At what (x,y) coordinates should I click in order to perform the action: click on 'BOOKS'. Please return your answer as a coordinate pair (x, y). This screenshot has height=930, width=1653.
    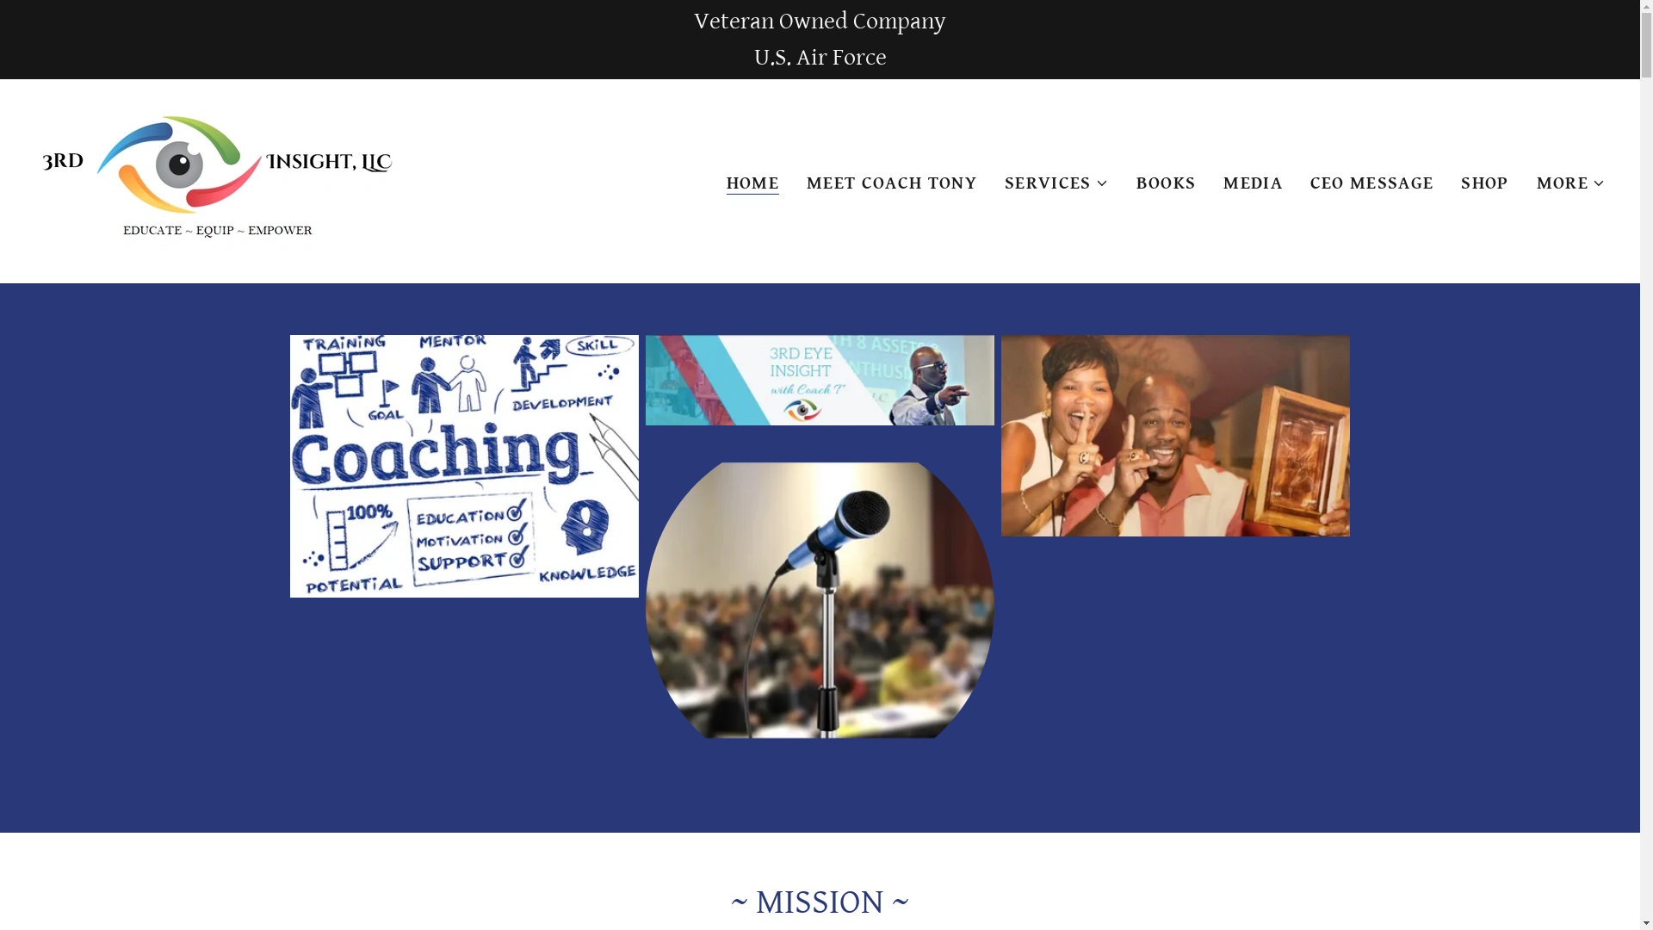
    Looking at the image, I should click on (1166, 183).